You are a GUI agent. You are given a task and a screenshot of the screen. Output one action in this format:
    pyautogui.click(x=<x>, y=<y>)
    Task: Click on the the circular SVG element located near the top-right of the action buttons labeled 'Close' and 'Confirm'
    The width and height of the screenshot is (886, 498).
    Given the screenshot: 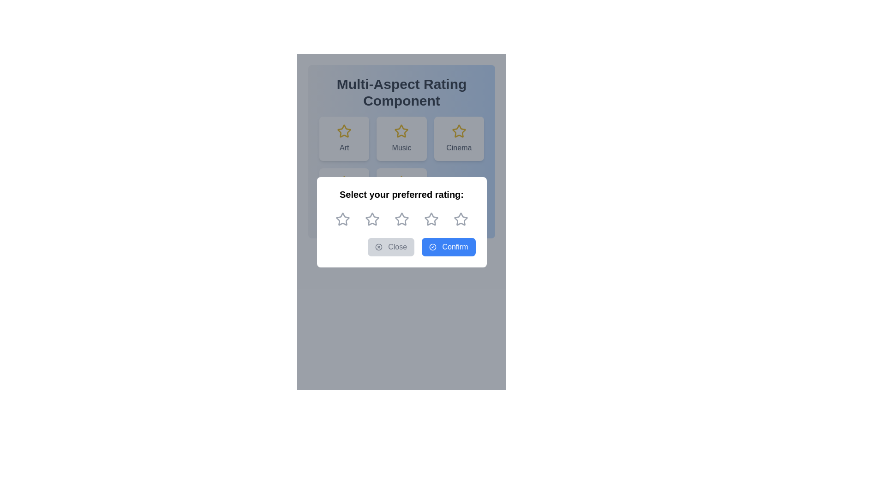 What is the action you would take?
    pyautogui.click(x=378, y=247)
    